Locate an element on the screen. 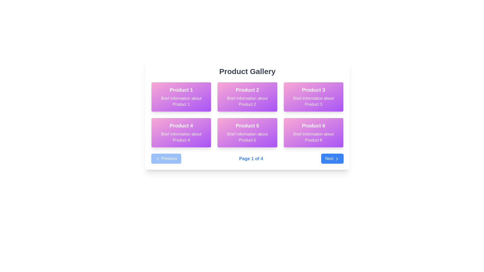 The image size is (484, 272). the text display element that shows 'Brief information about Product 2', which is styled with a light font and has a gradient background from pink to purple, located in the second box of a two-row grid layout is located at coordinates (247, 101).